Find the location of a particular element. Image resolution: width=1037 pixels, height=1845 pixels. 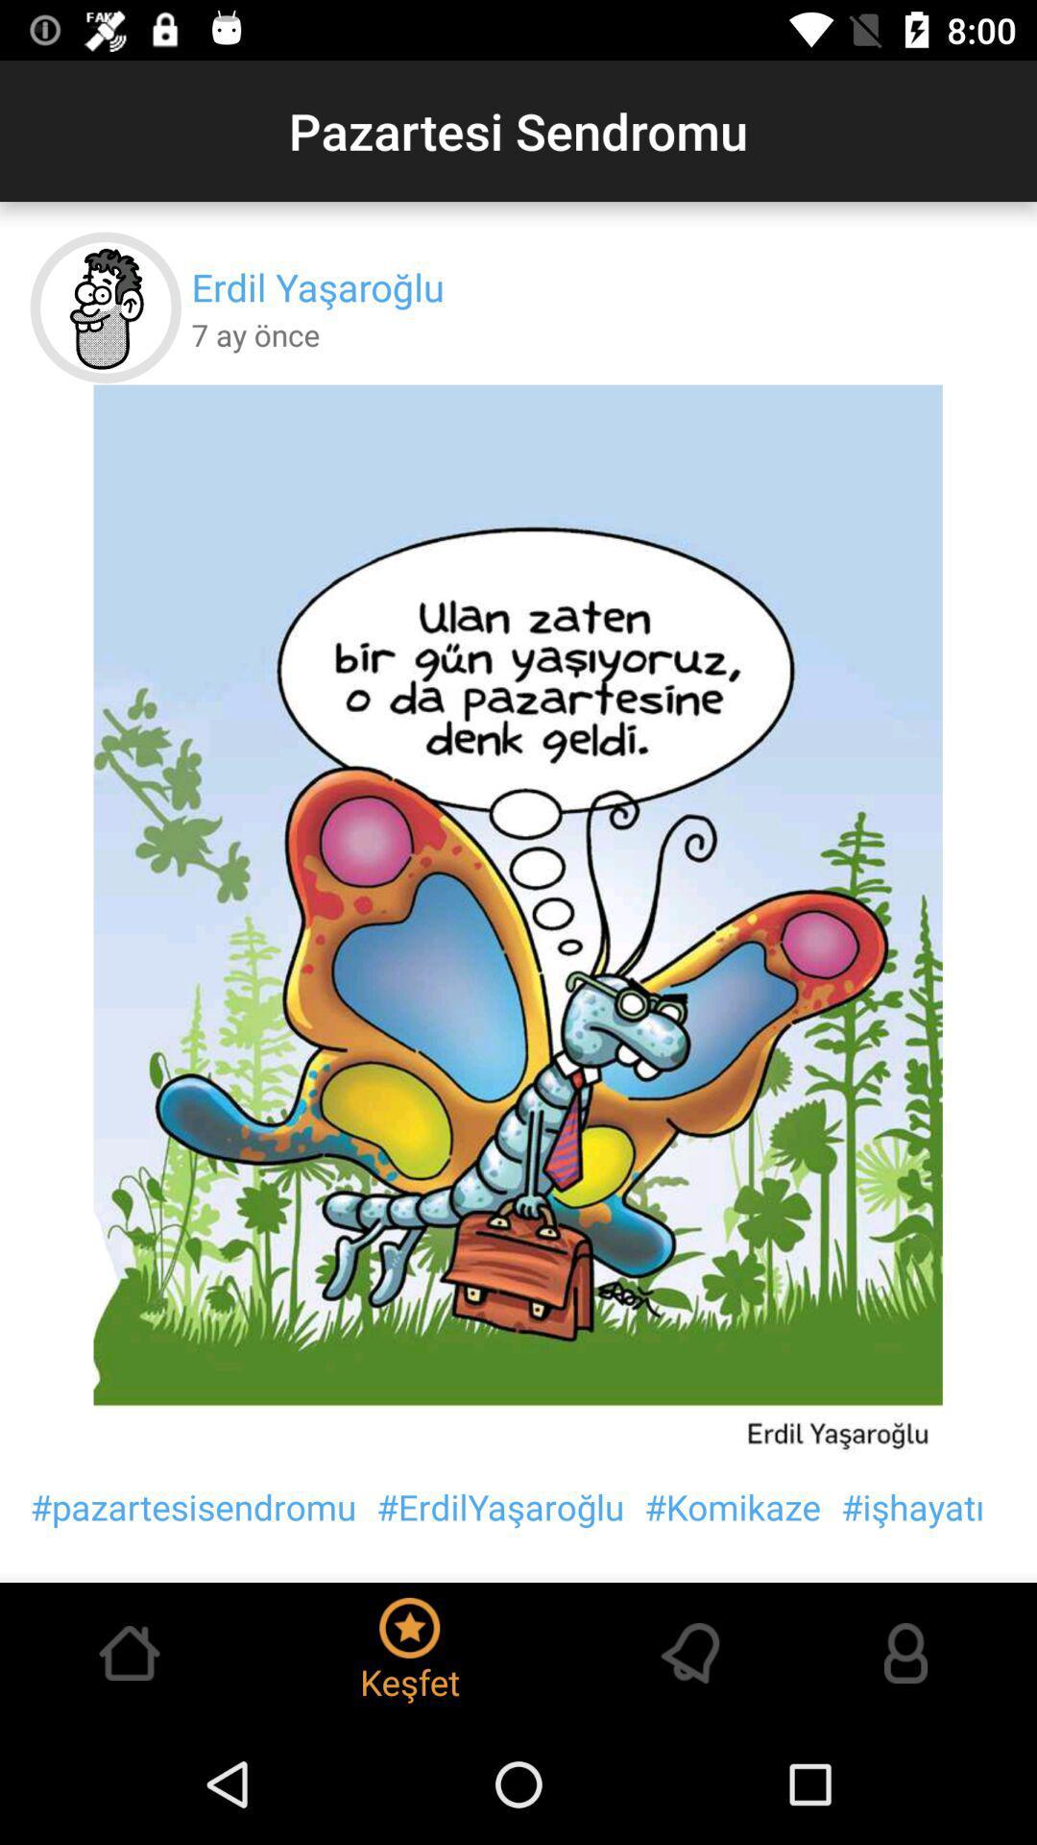

the item to the right of #pazartesisendromu item is located at coordinates (499, 1506).